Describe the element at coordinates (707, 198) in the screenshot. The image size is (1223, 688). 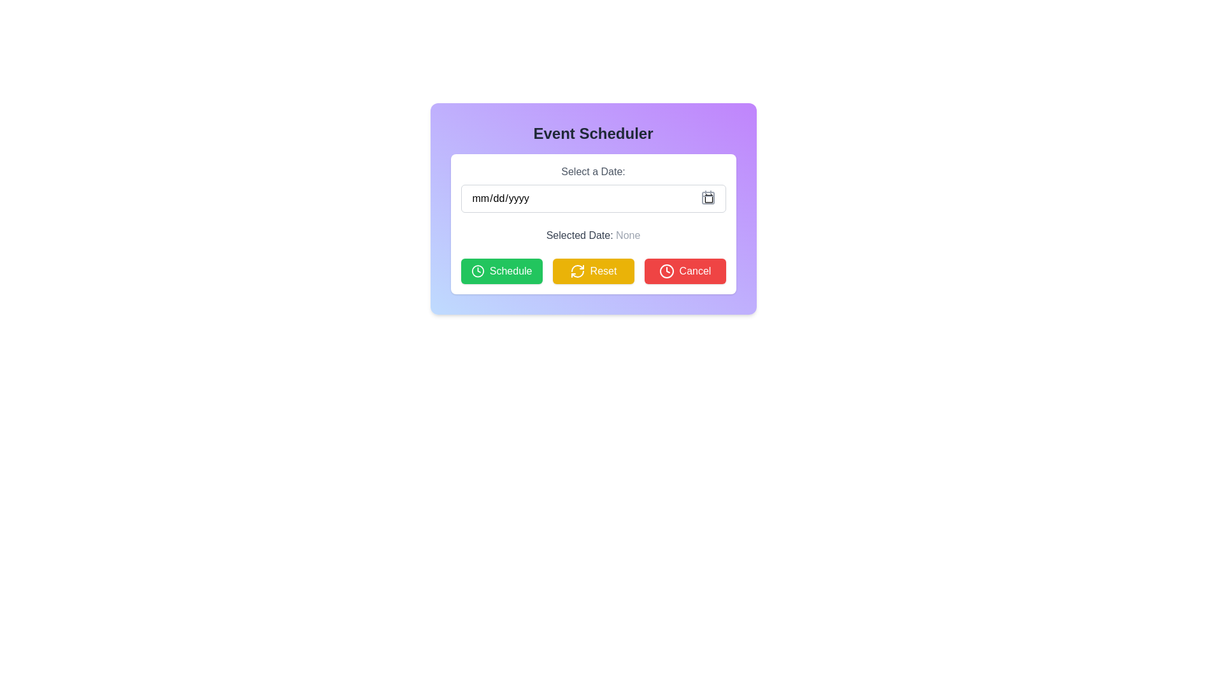
I see `the calendar icon element, which is a rectangular shape with softened corners, white background, and outlined border, located at the far right of the 'Select a Date' input field in the event scheduler interface` at that location.